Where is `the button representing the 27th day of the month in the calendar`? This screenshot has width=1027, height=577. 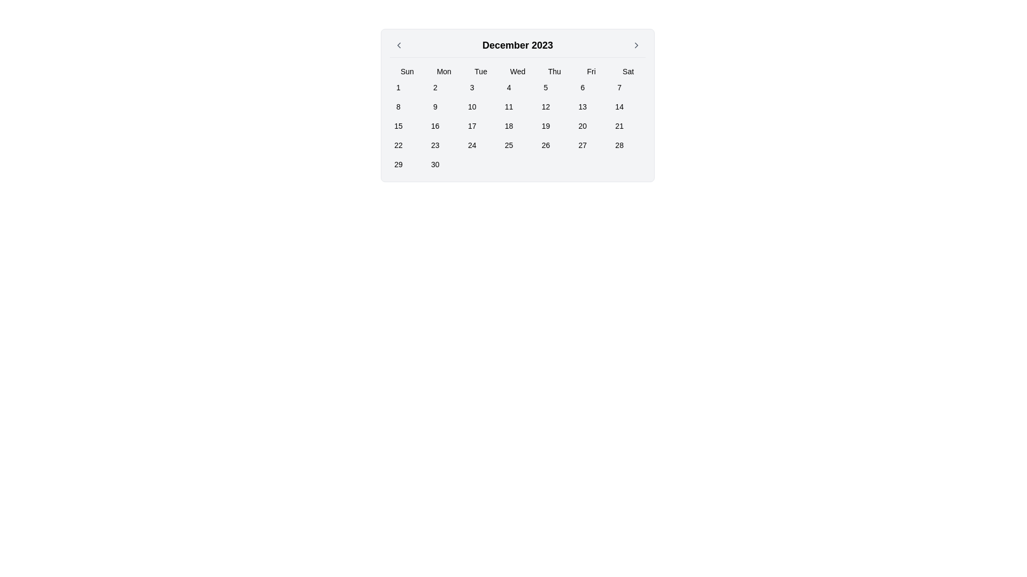
the button representing the 27th day of the month in the calendar is located at coordinates (582, 145).